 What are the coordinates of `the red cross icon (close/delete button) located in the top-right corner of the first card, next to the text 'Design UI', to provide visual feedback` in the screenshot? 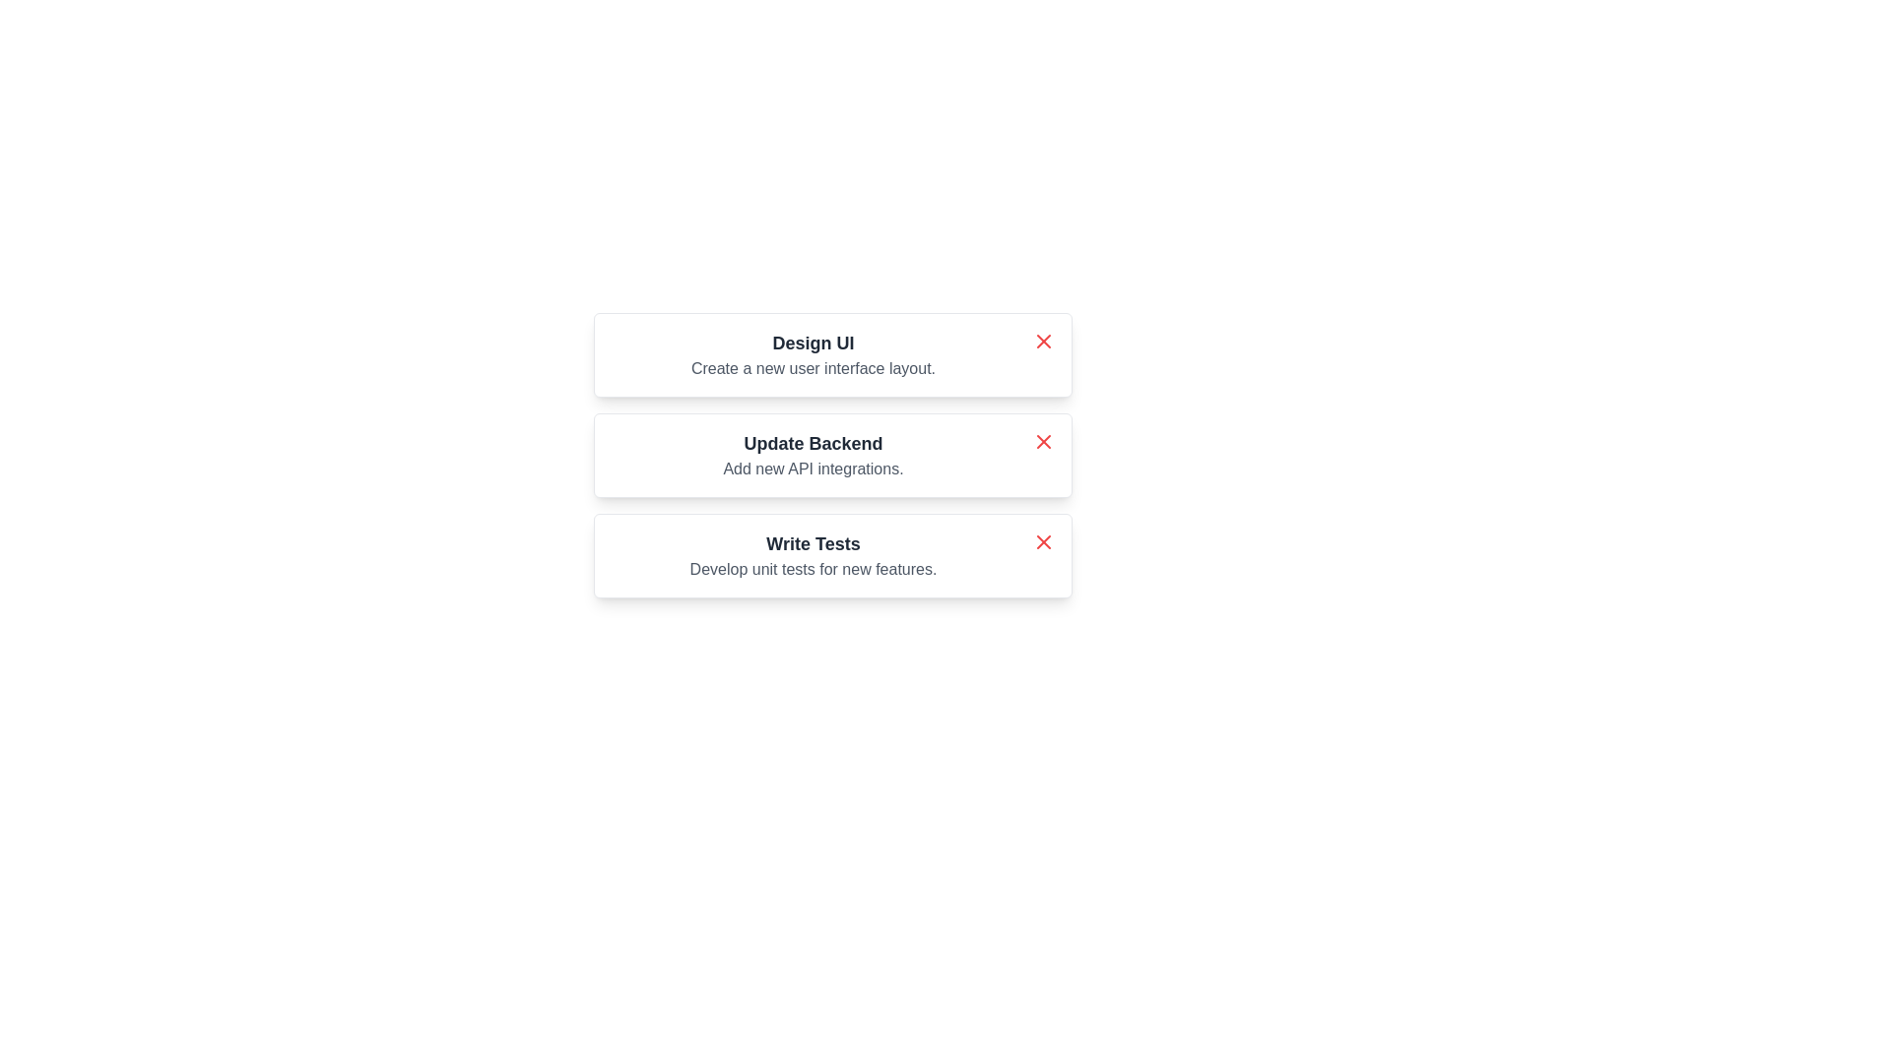 It's located at (1043, 341).